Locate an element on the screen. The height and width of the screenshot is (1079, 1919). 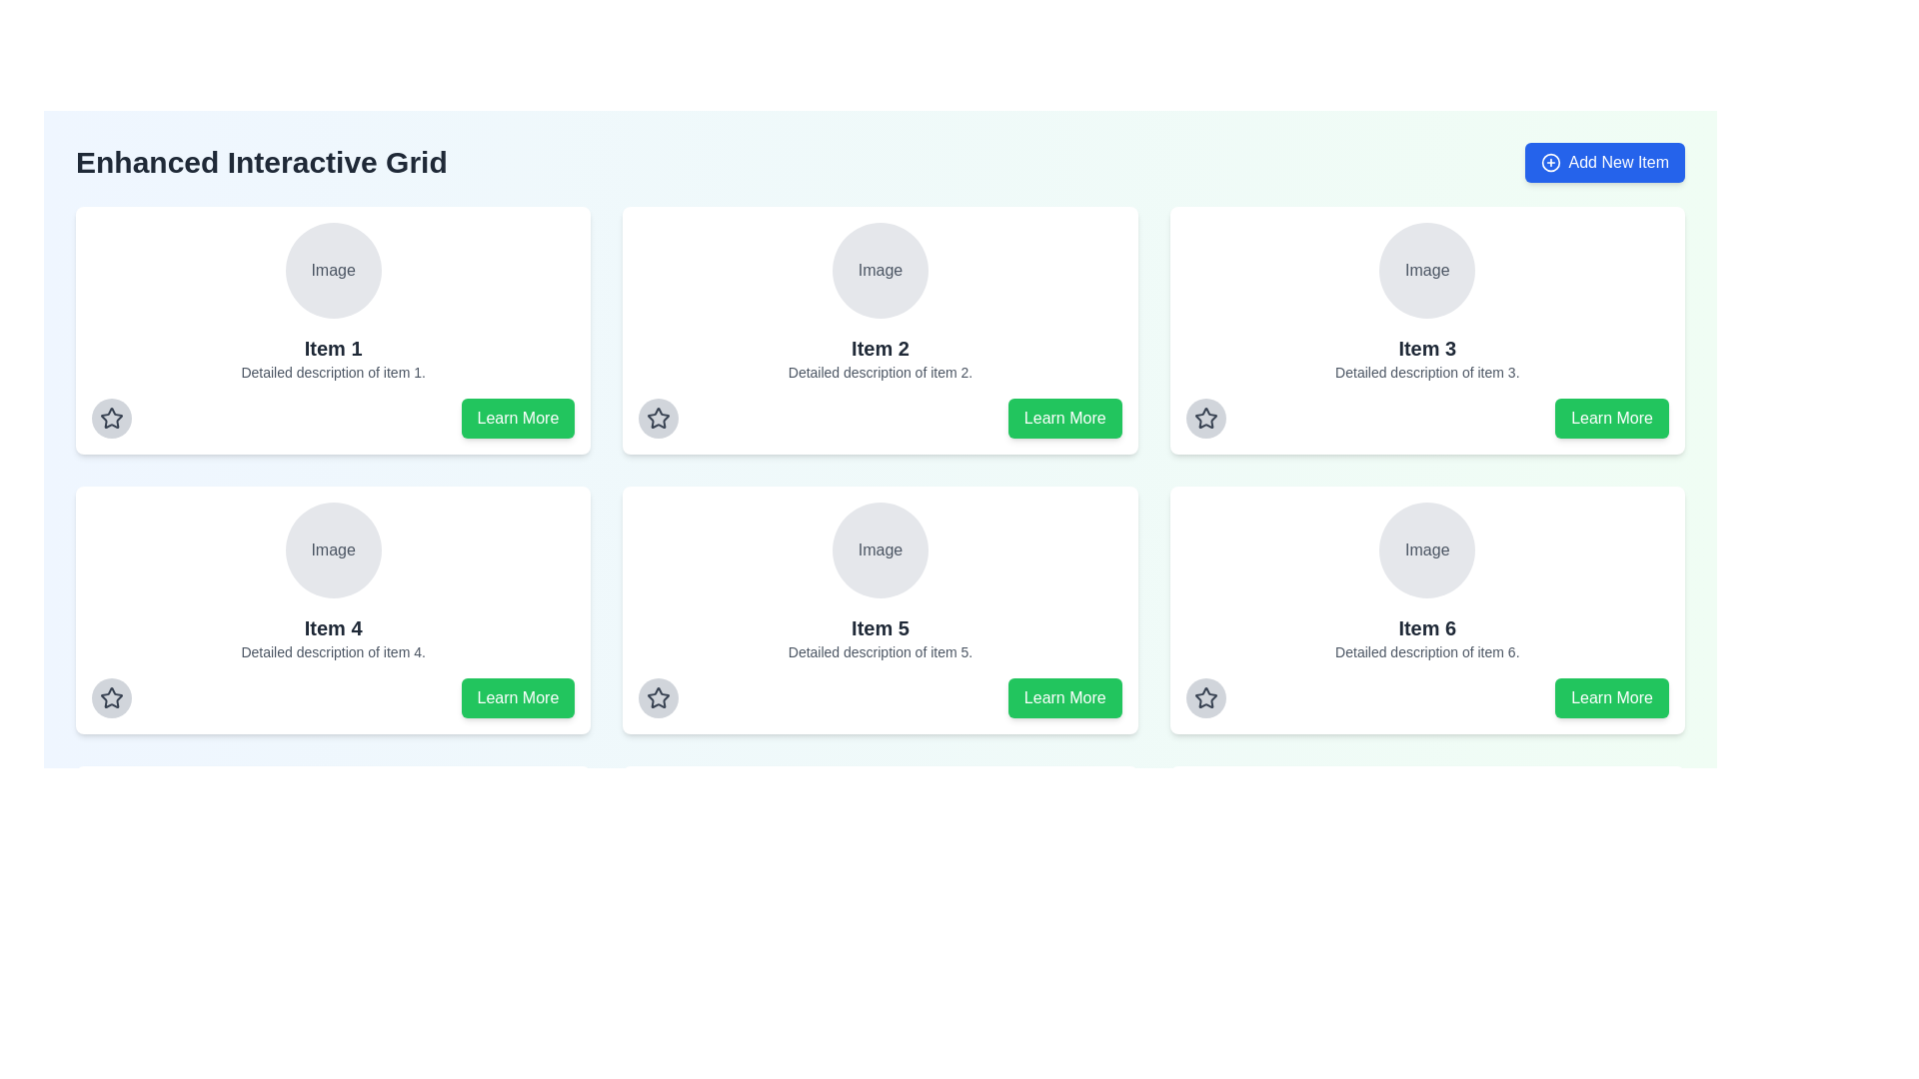
the 'Learn More' button located in the top-right section of the grid, which has a green background and white text is located at coordinates (1611, 418).